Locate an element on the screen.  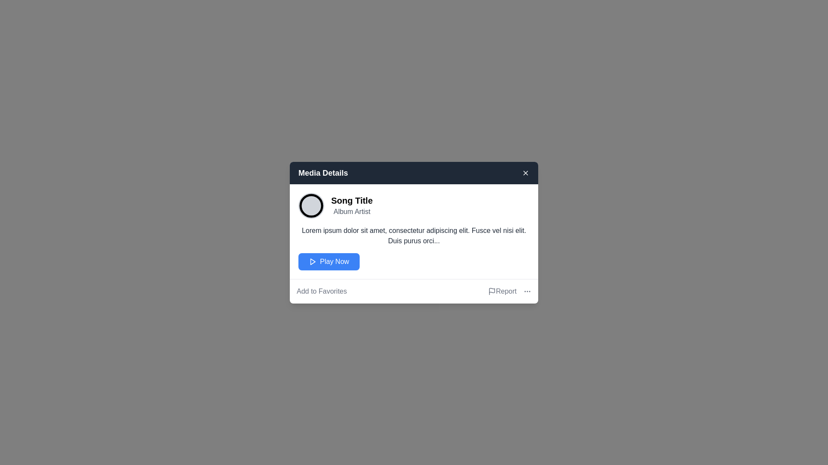
programmatically on the graphical close button represented as an SVG element located in the top-right corner of the dark blue header bar of the modal is located at coordinates (525, 173).